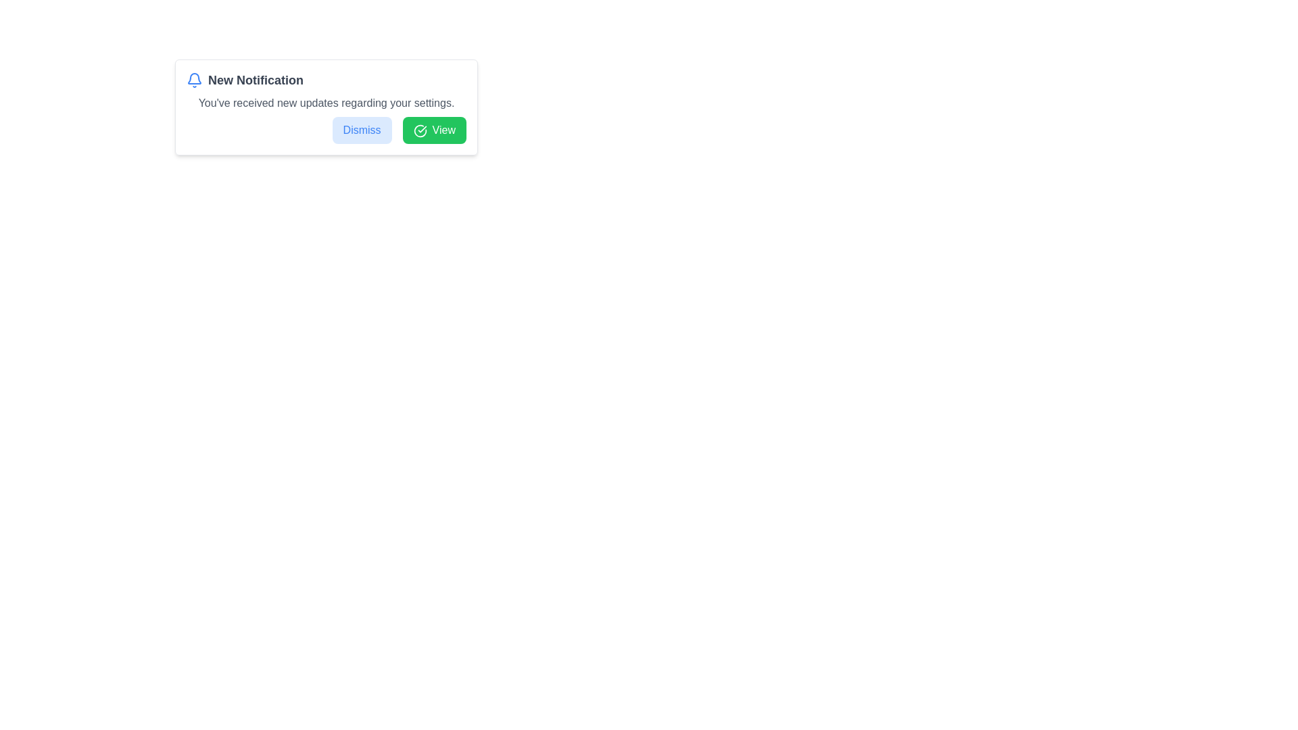  I want to click on the 'Dismiss' button, which is a rounded rectangular button with blue text on a light blue background, located to the left of the green 'View' button, so click(362, 130).